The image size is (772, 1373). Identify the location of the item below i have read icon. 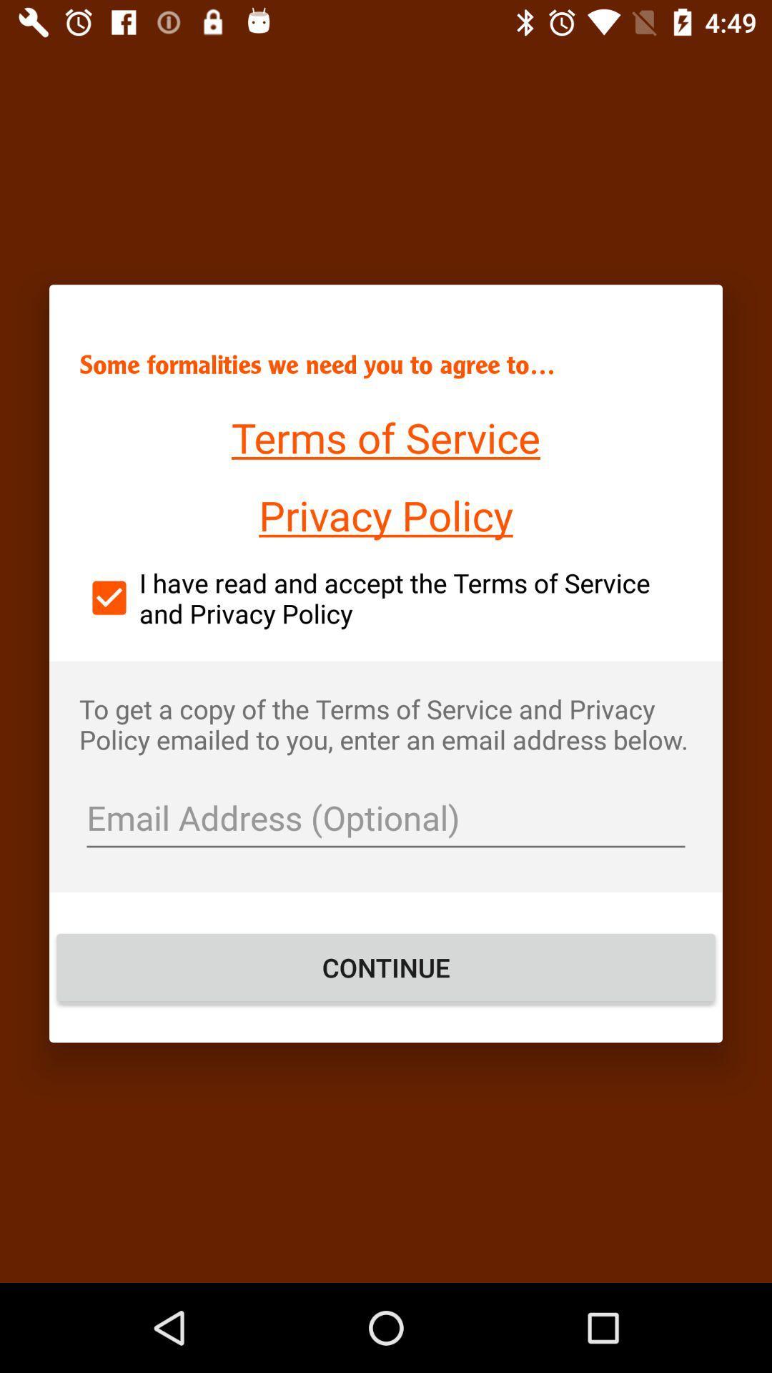
(386, 724).